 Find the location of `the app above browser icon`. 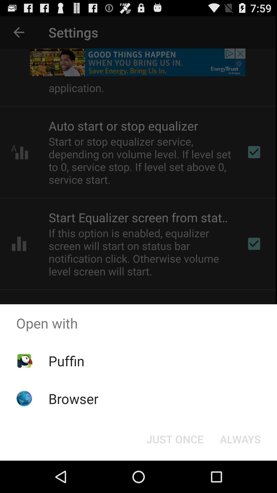

the app above browser icon is located at coordinates (66, 361).